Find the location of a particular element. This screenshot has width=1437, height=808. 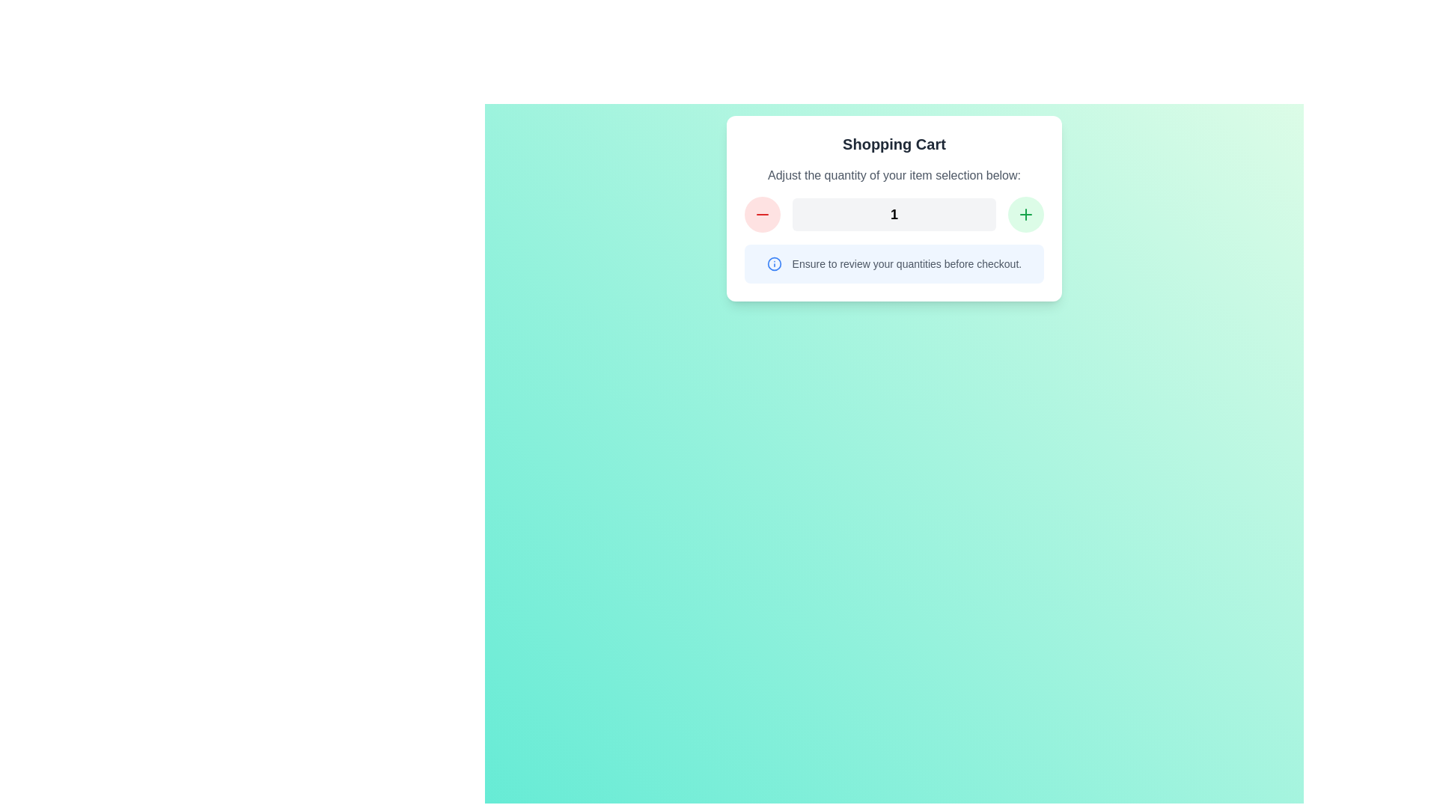

the text label that instructs the user to adjust item quantities, positioned below the 'Shopping Cart' title and above the quantity adjustment controls is located at coordinates (894, 175).